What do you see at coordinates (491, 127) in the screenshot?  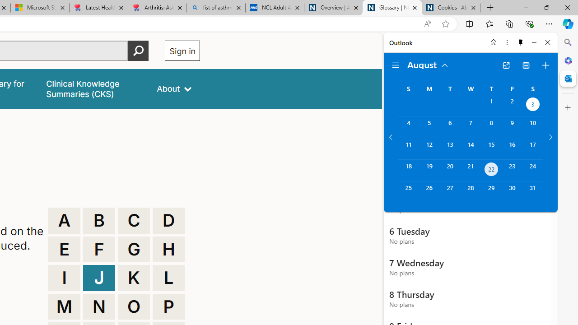 I see `'Thursday, August 8, 2024. '` at bounding box center [491, 127].